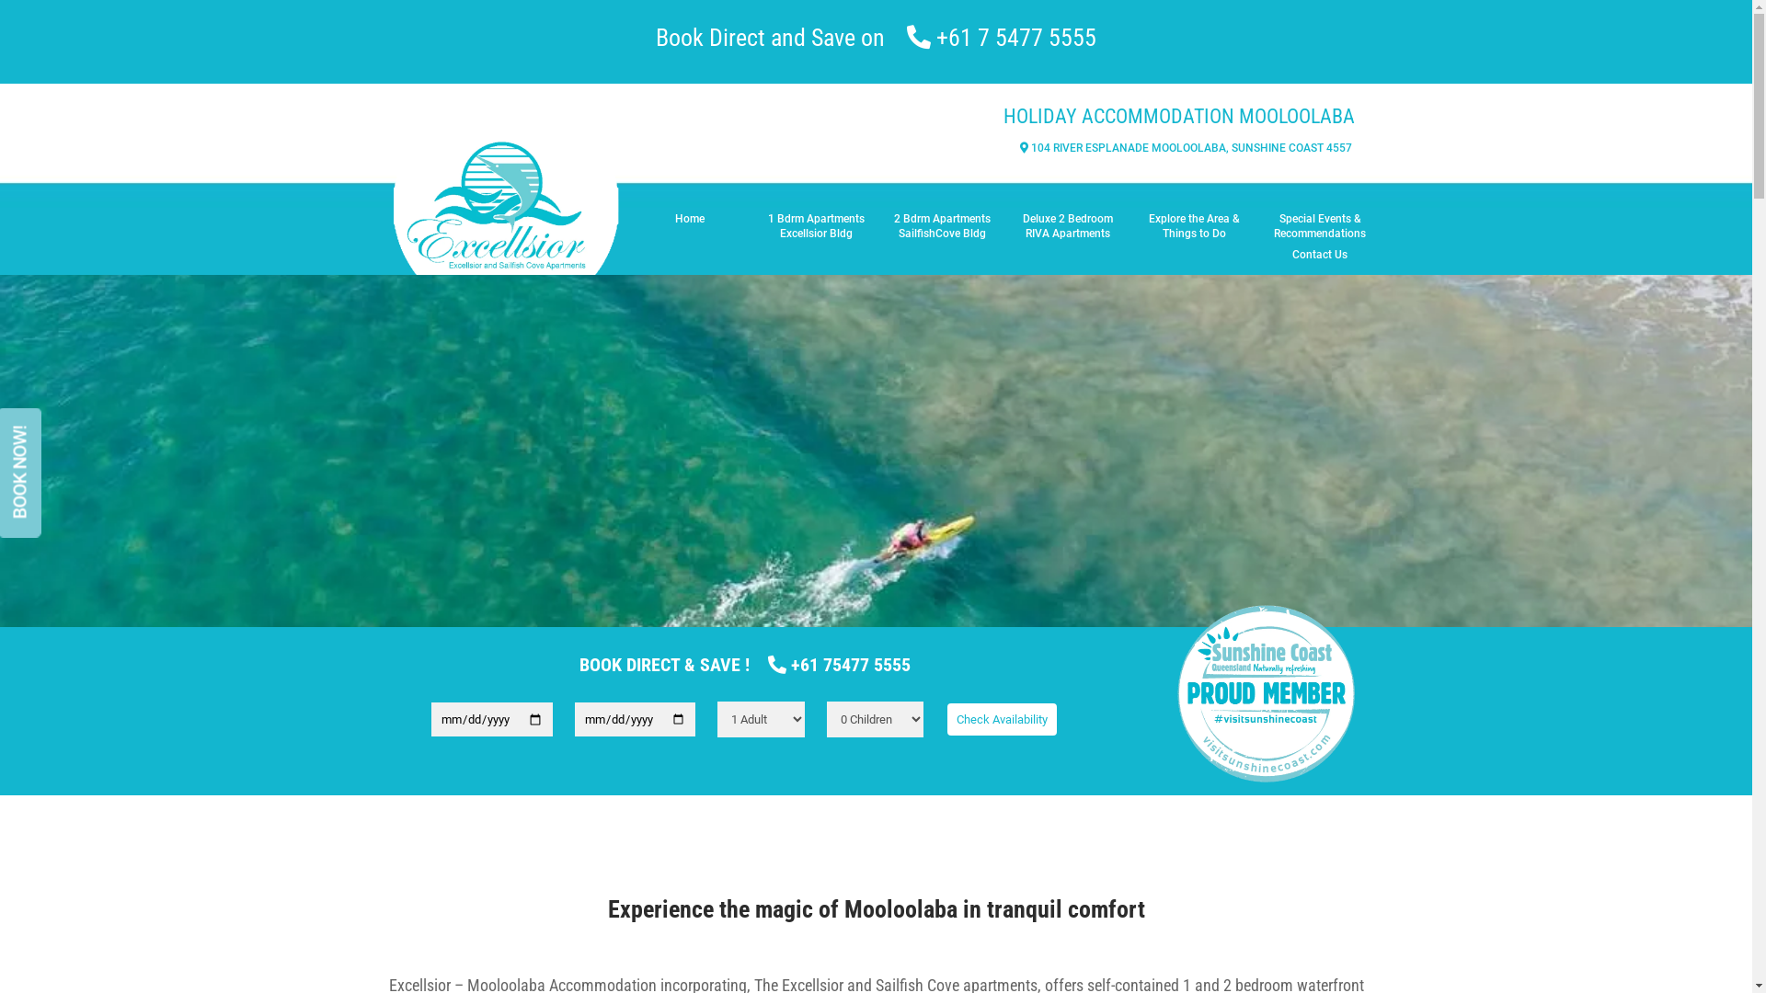  What do you see at coordinates (506, 179) in the screenshot?
I see `'Header-Logo-Circle-croped'` at bounding box center [506, 179].